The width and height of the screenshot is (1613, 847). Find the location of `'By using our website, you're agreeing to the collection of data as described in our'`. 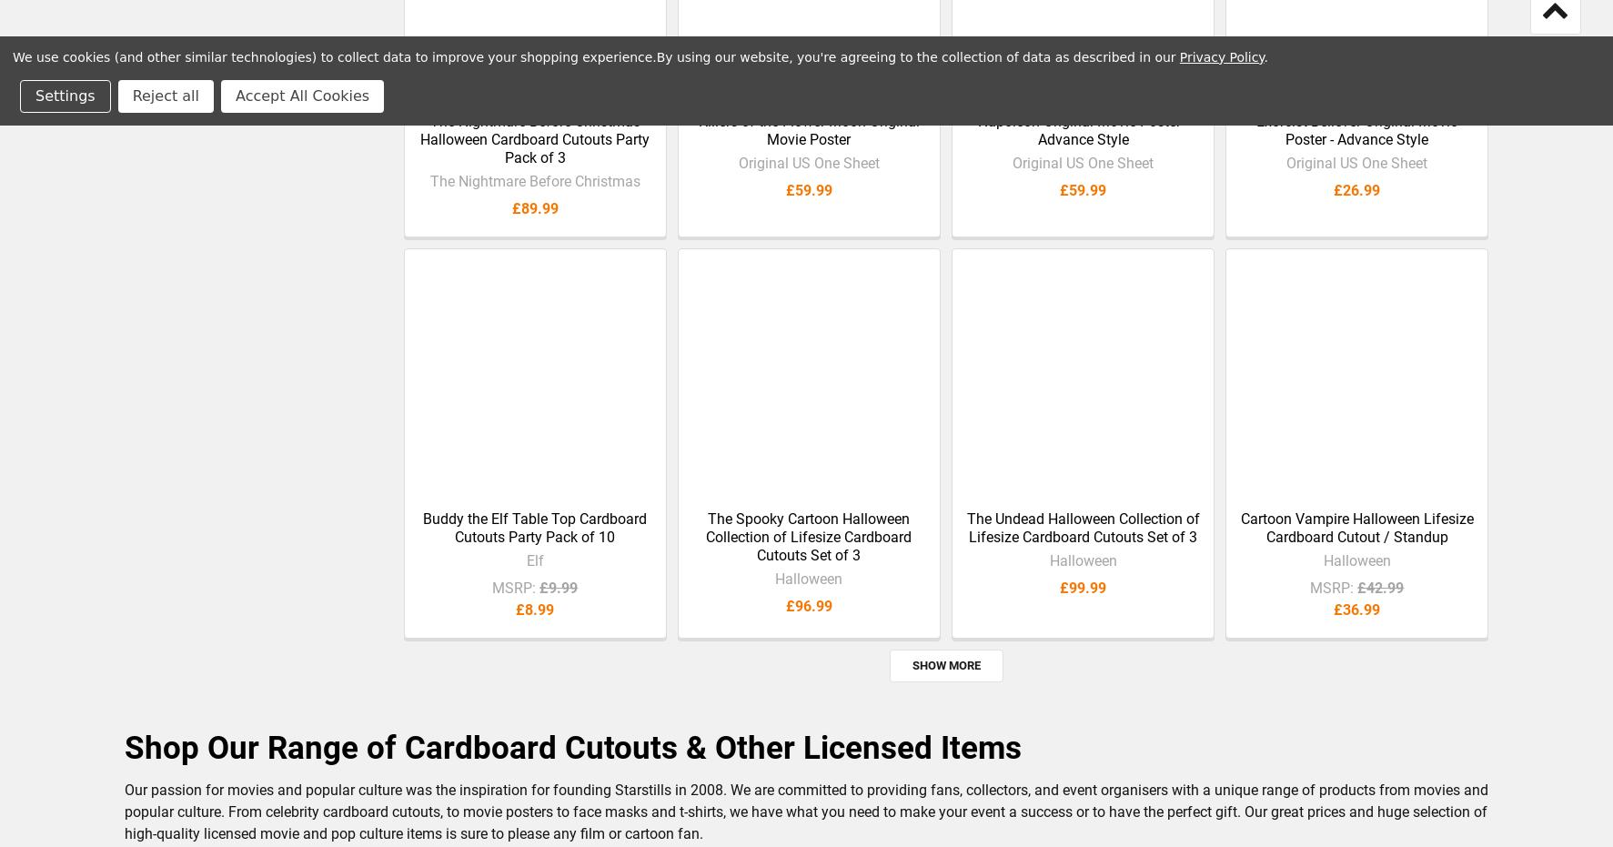

'By using our website, you're agreeing to the collection of data as described in our' is located at coordinates (916, 55).